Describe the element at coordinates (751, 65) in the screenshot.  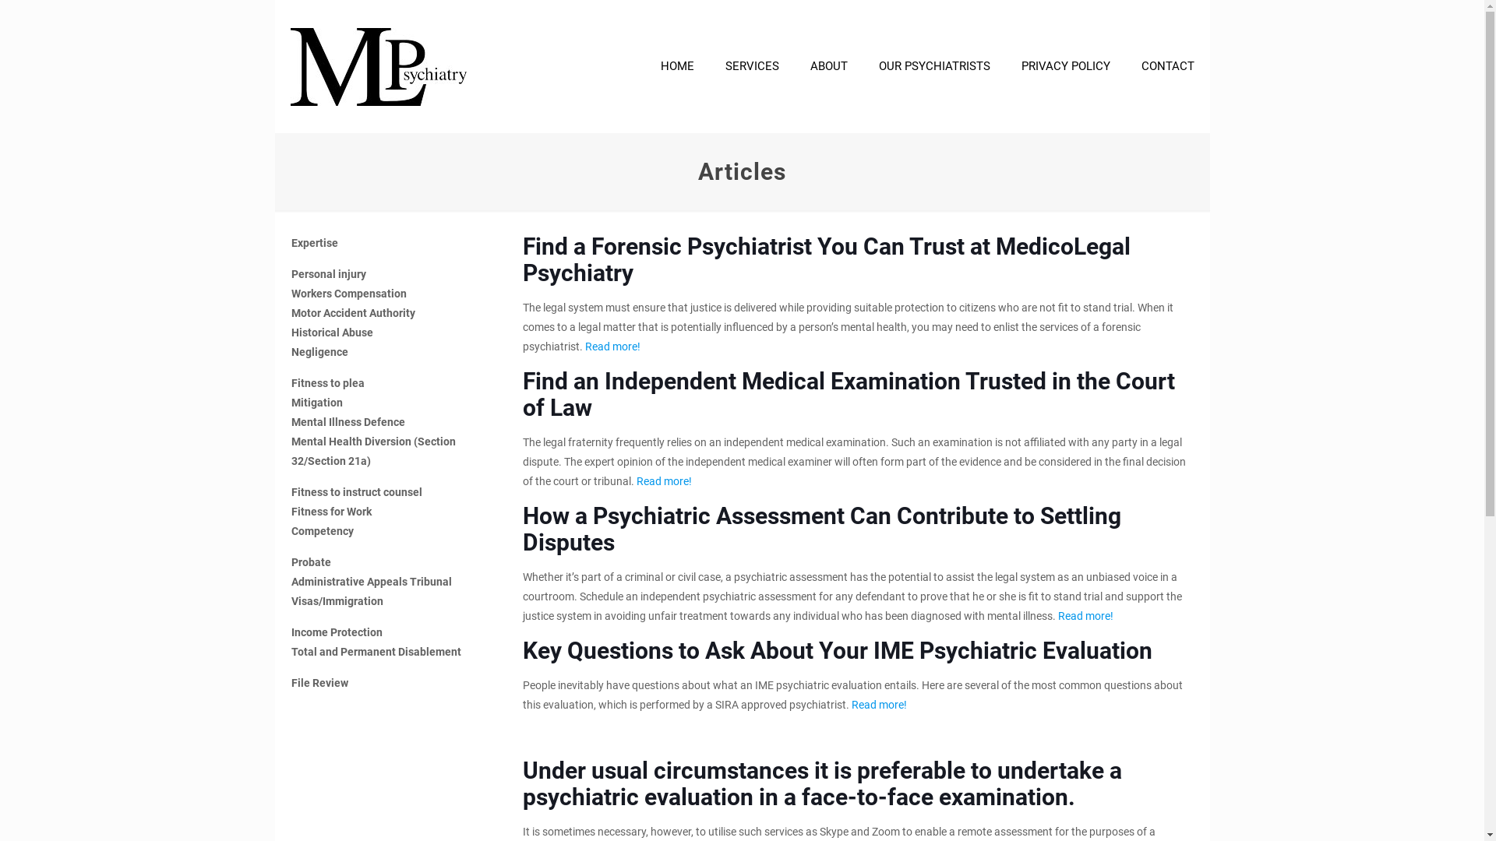
I see `'SERVICES'` at that location.